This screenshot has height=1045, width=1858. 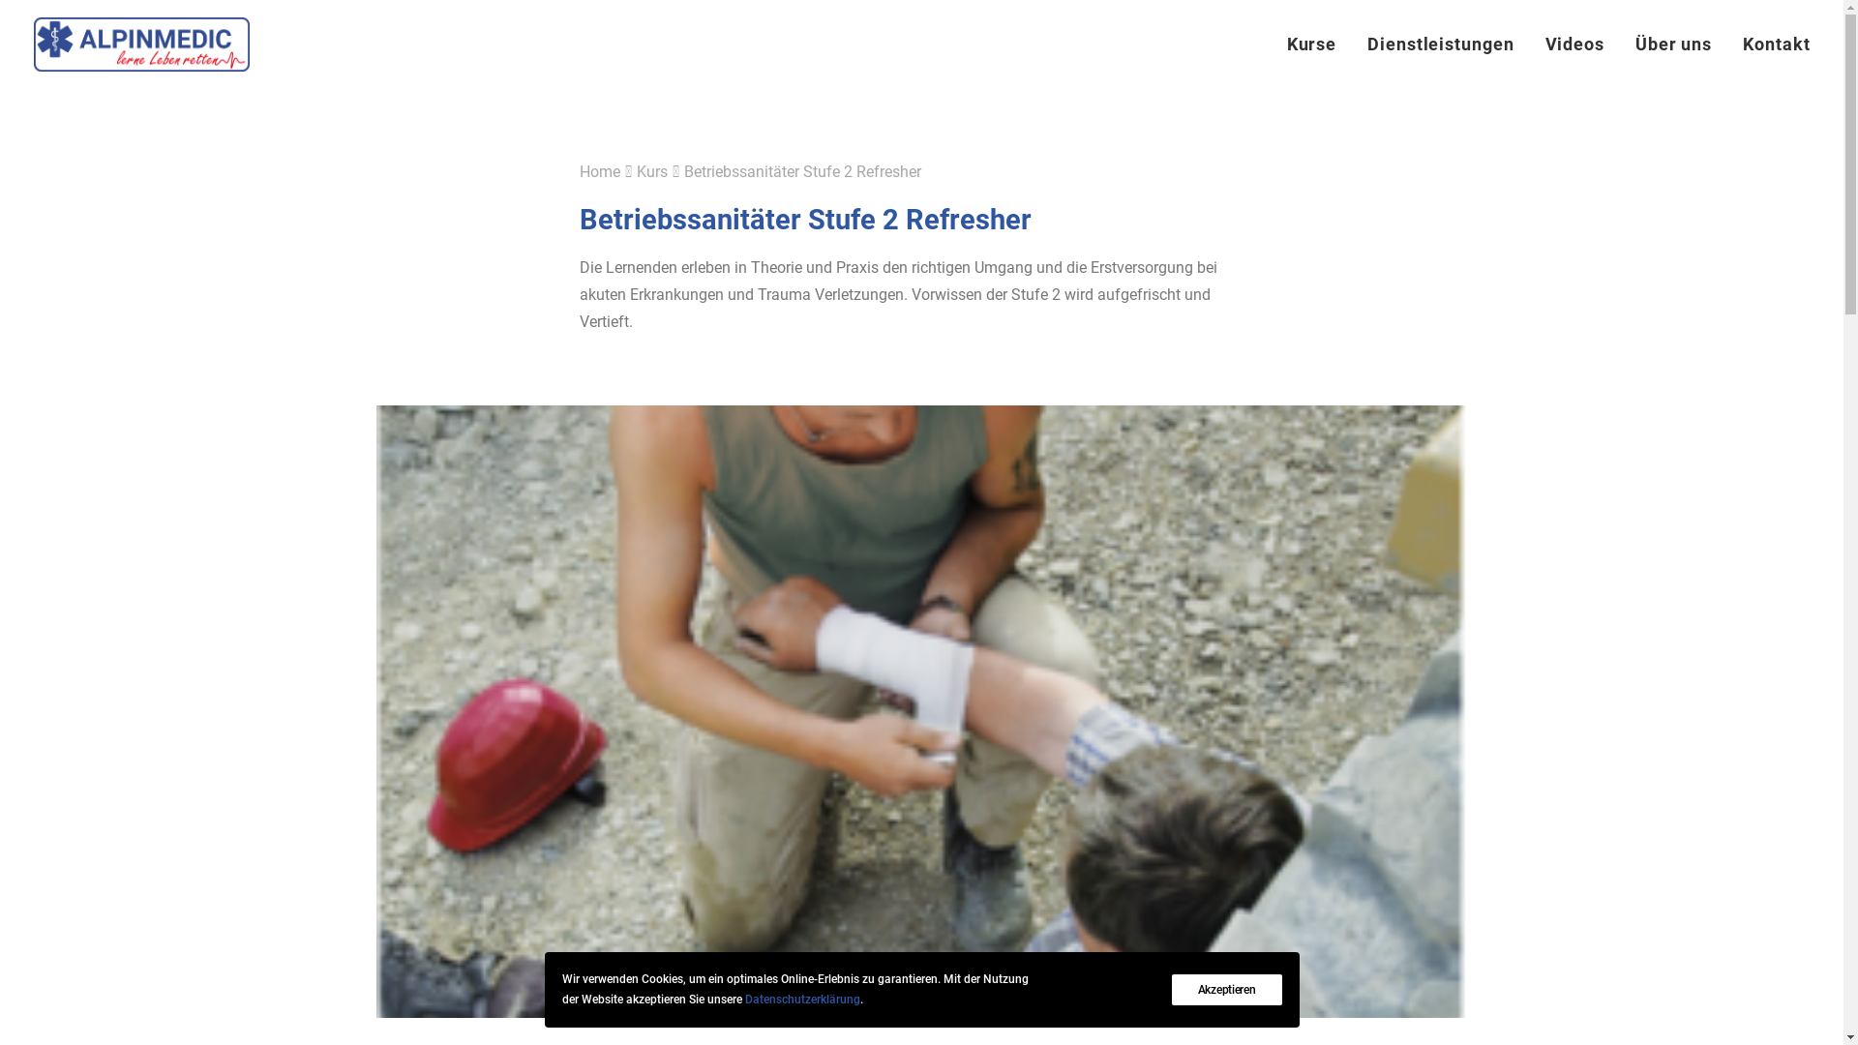 What do you see at coordinates (651, 170) in the screenshot?
I see `'Kurs'` at bounding box center [651, 170].